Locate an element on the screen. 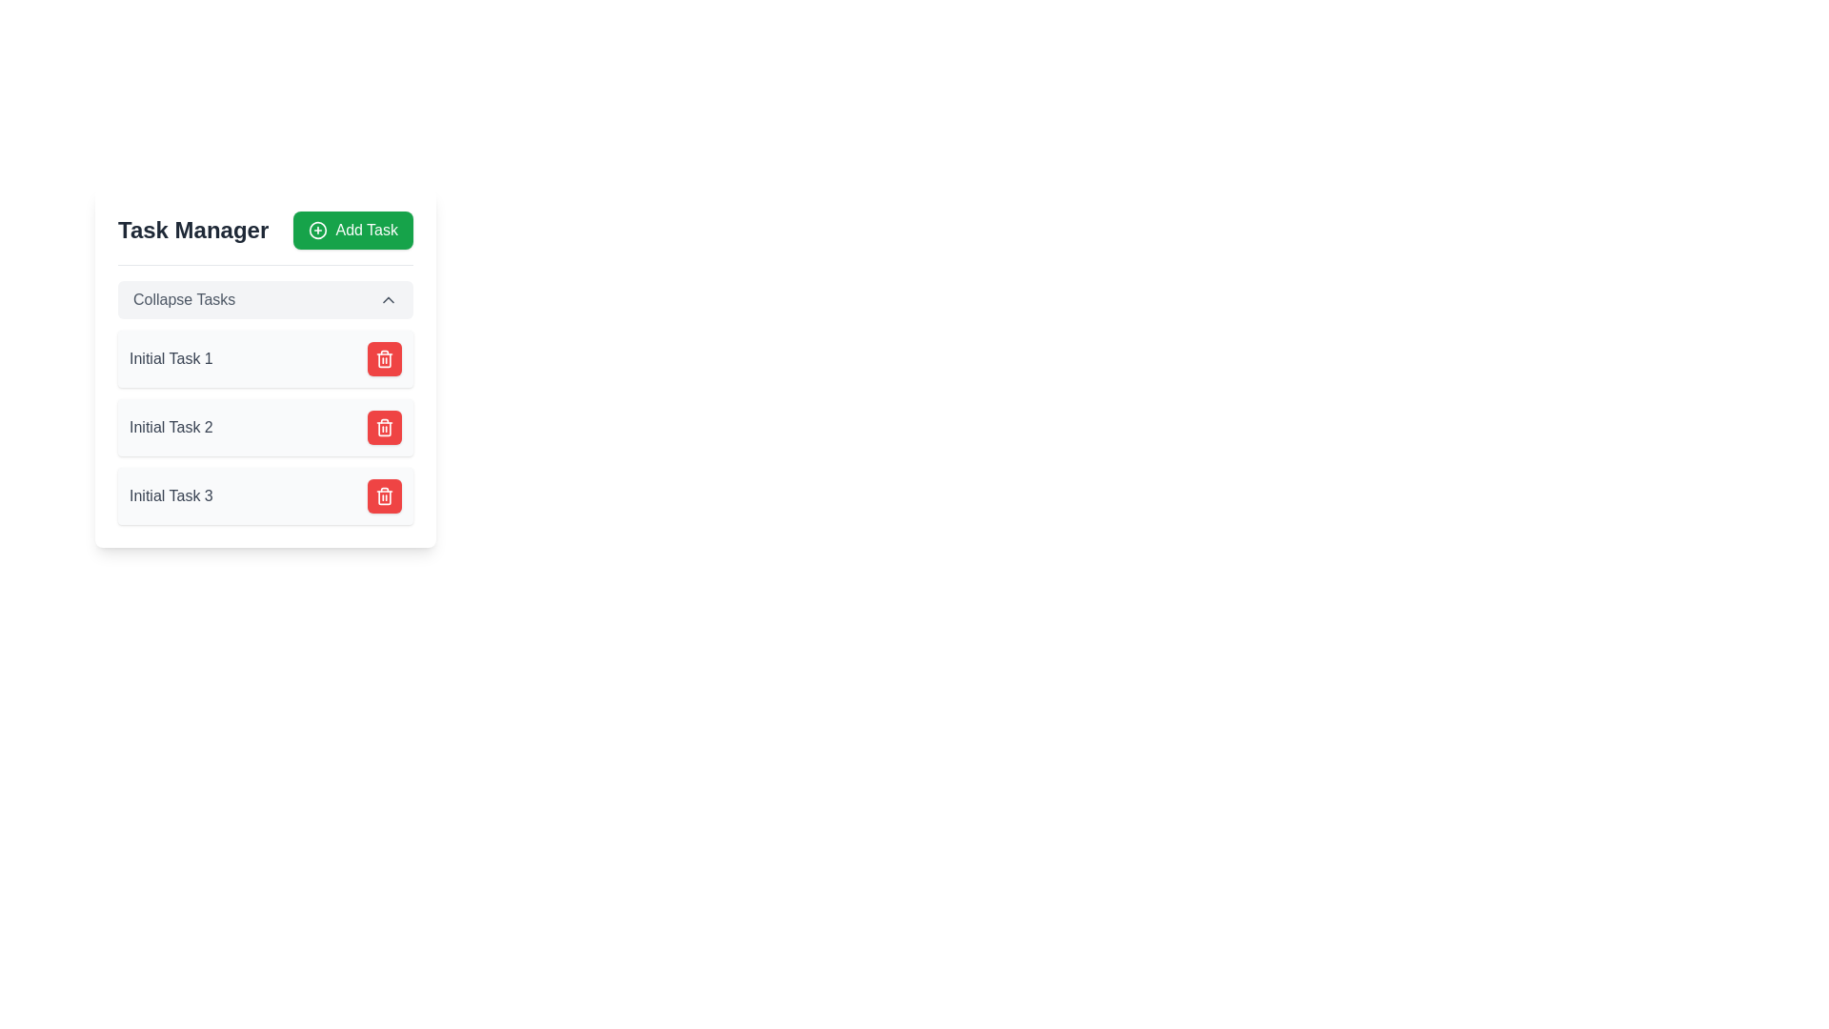  the collapsible toggle button for the task list located below the 'Task Manager' title to provide visual feedback is located at coordinates (264, 300).